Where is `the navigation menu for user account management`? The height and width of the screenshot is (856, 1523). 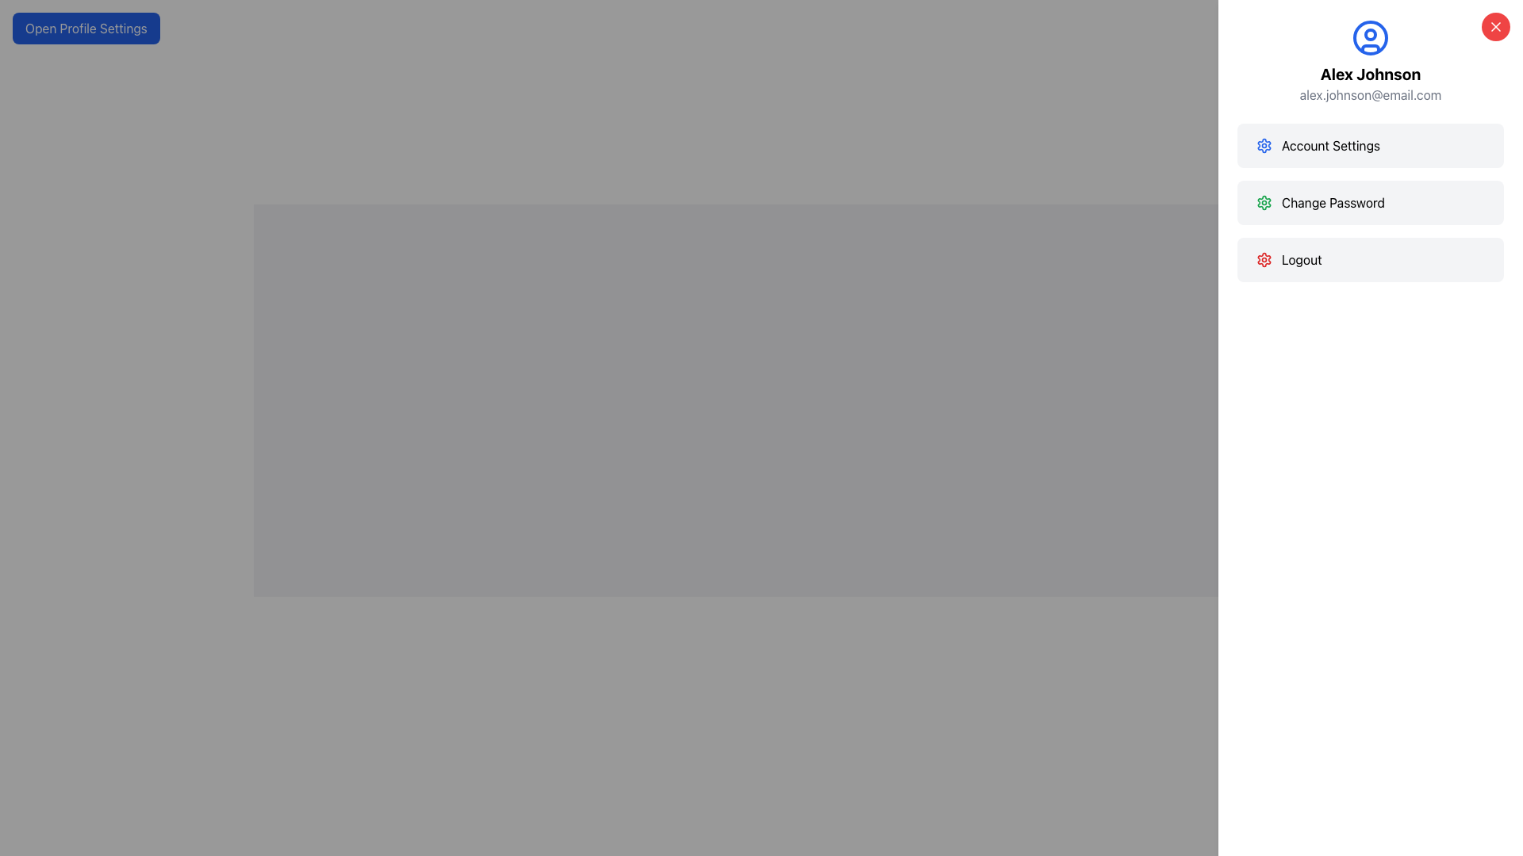 the navigation menu for user account management is located at coordinates (1370, 201).